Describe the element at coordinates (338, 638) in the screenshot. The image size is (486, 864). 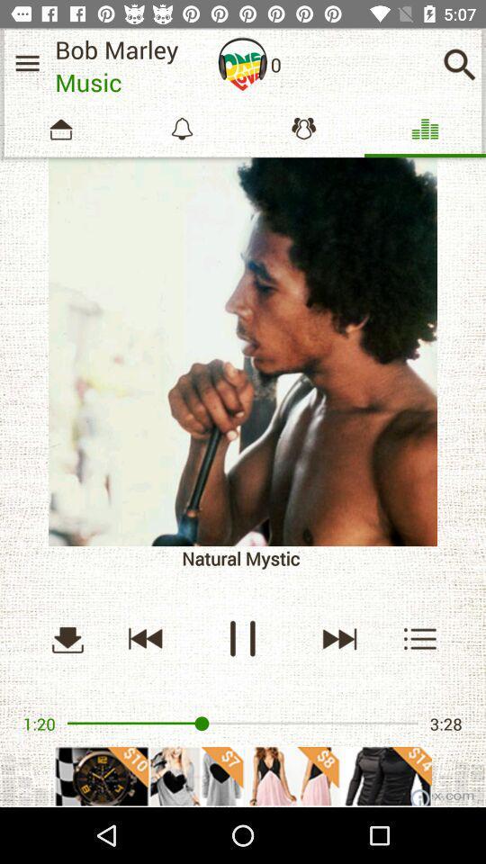
I see `musci play` at that location.